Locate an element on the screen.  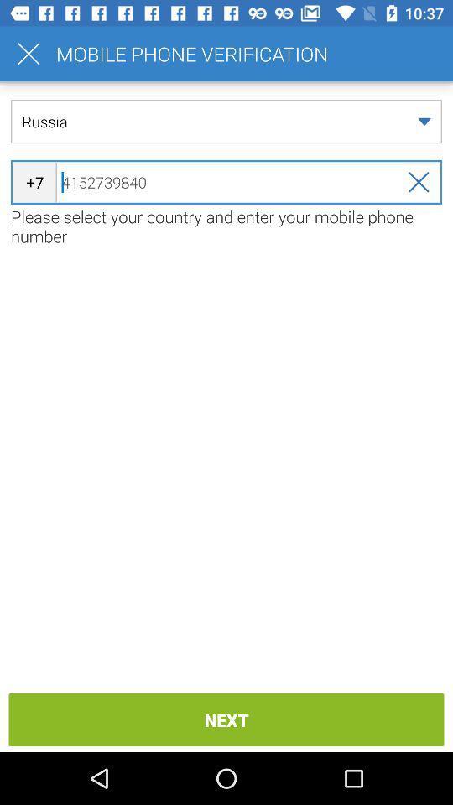
icon below the russia icon is located at coordinates (226, 182).